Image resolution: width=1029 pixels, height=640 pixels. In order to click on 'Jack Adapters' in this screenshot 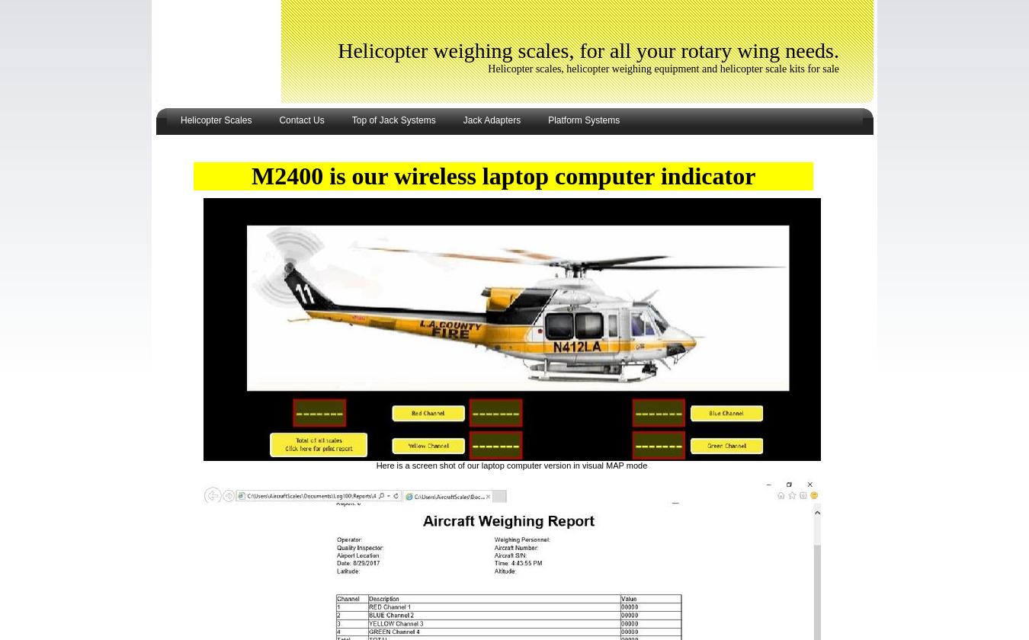, I will do `click(462, 120)`.